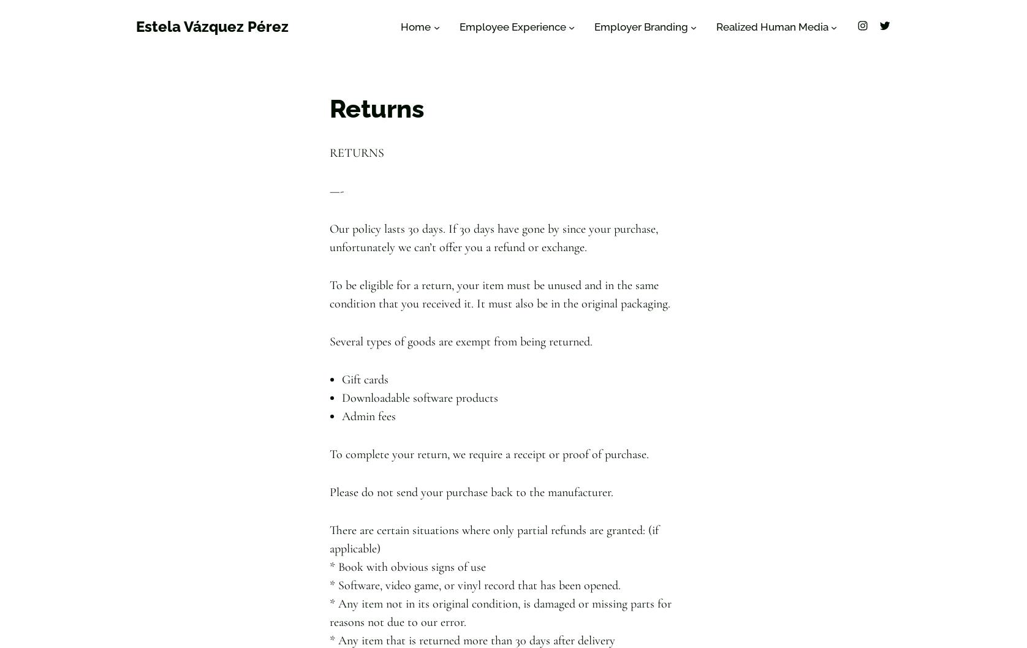  Describe the element at coordinates (460, 341) in the screenshot. I see `'Several types of goods are exempt from being returned.'` at that location.